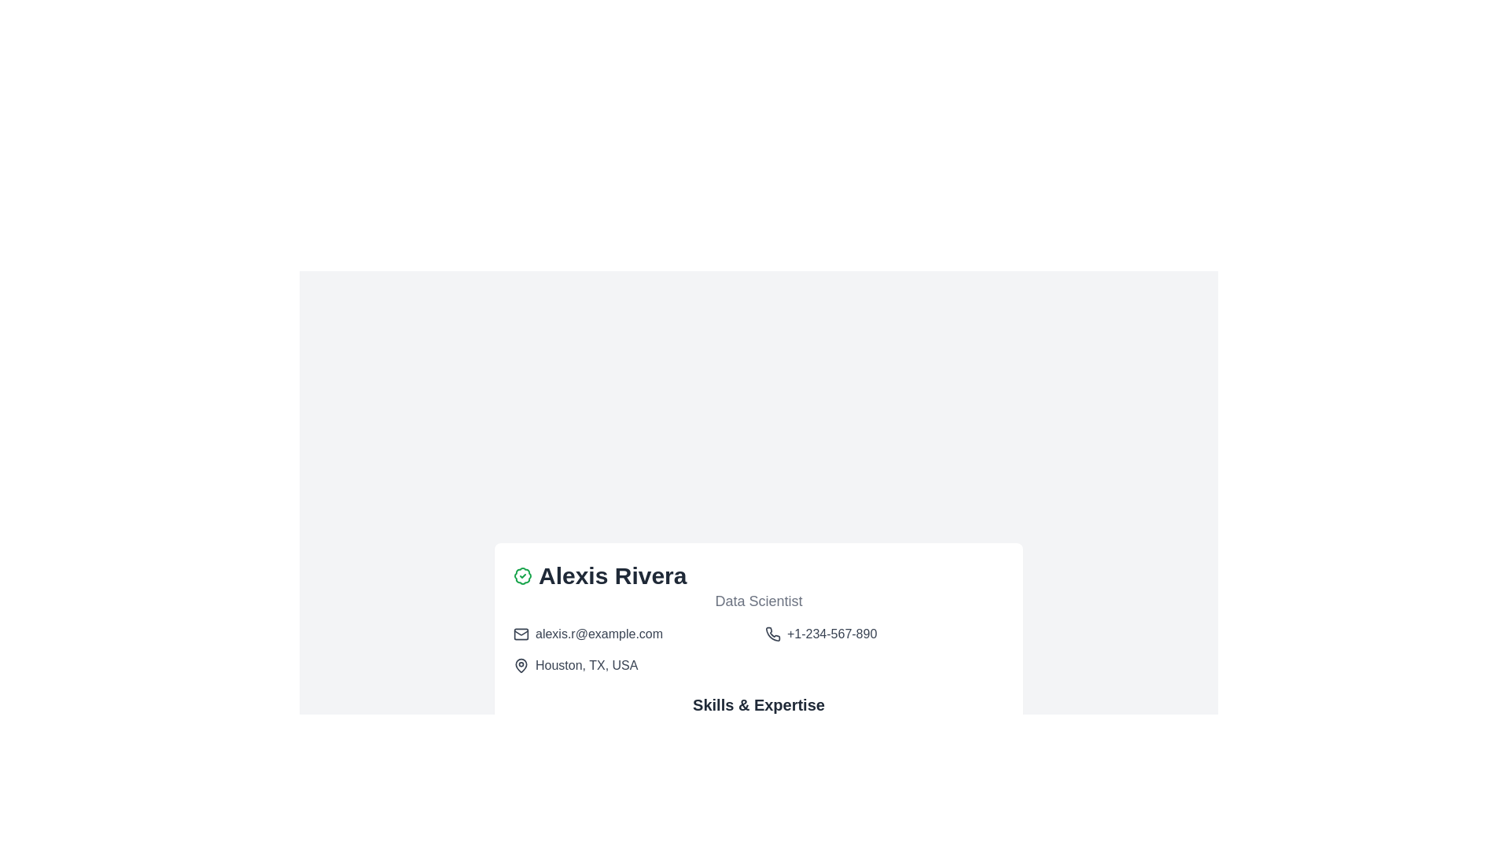 The width and height of the screenshot is (1510, 849). I want to click on the icon located at the top-left section of the card, adjacent to the name 'Alexis Rivera', so click(523, 575).